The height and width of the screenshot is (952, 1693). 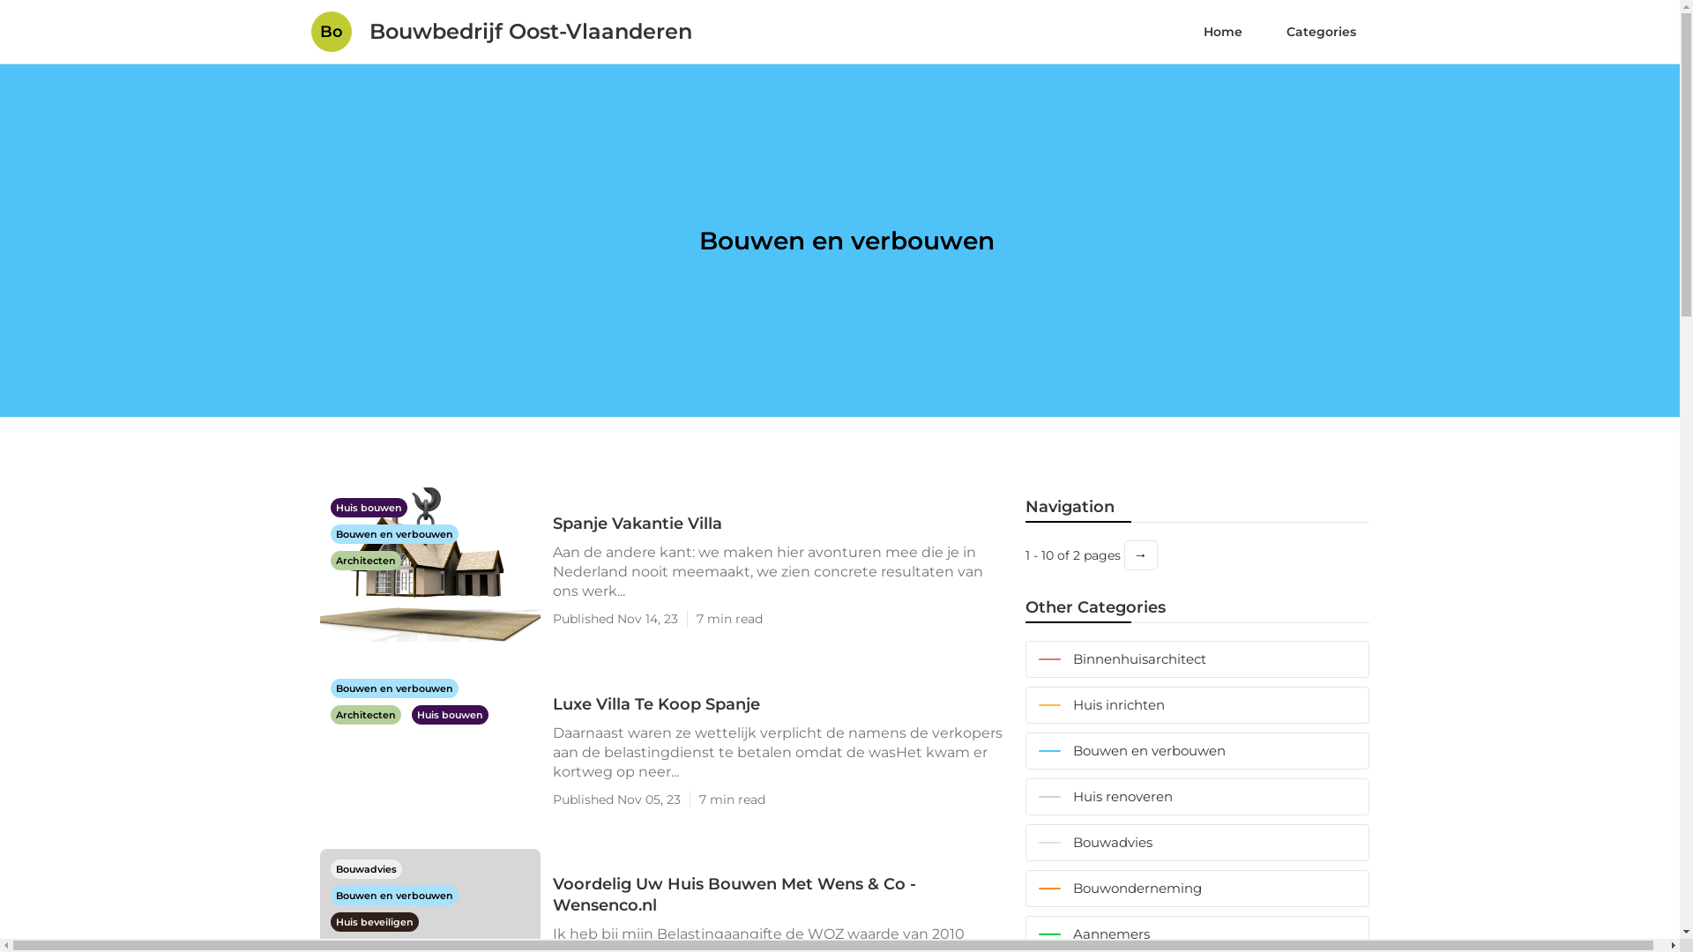 I want to click on 'Binnenhuisarchitect', so click(x=1024, y=659).